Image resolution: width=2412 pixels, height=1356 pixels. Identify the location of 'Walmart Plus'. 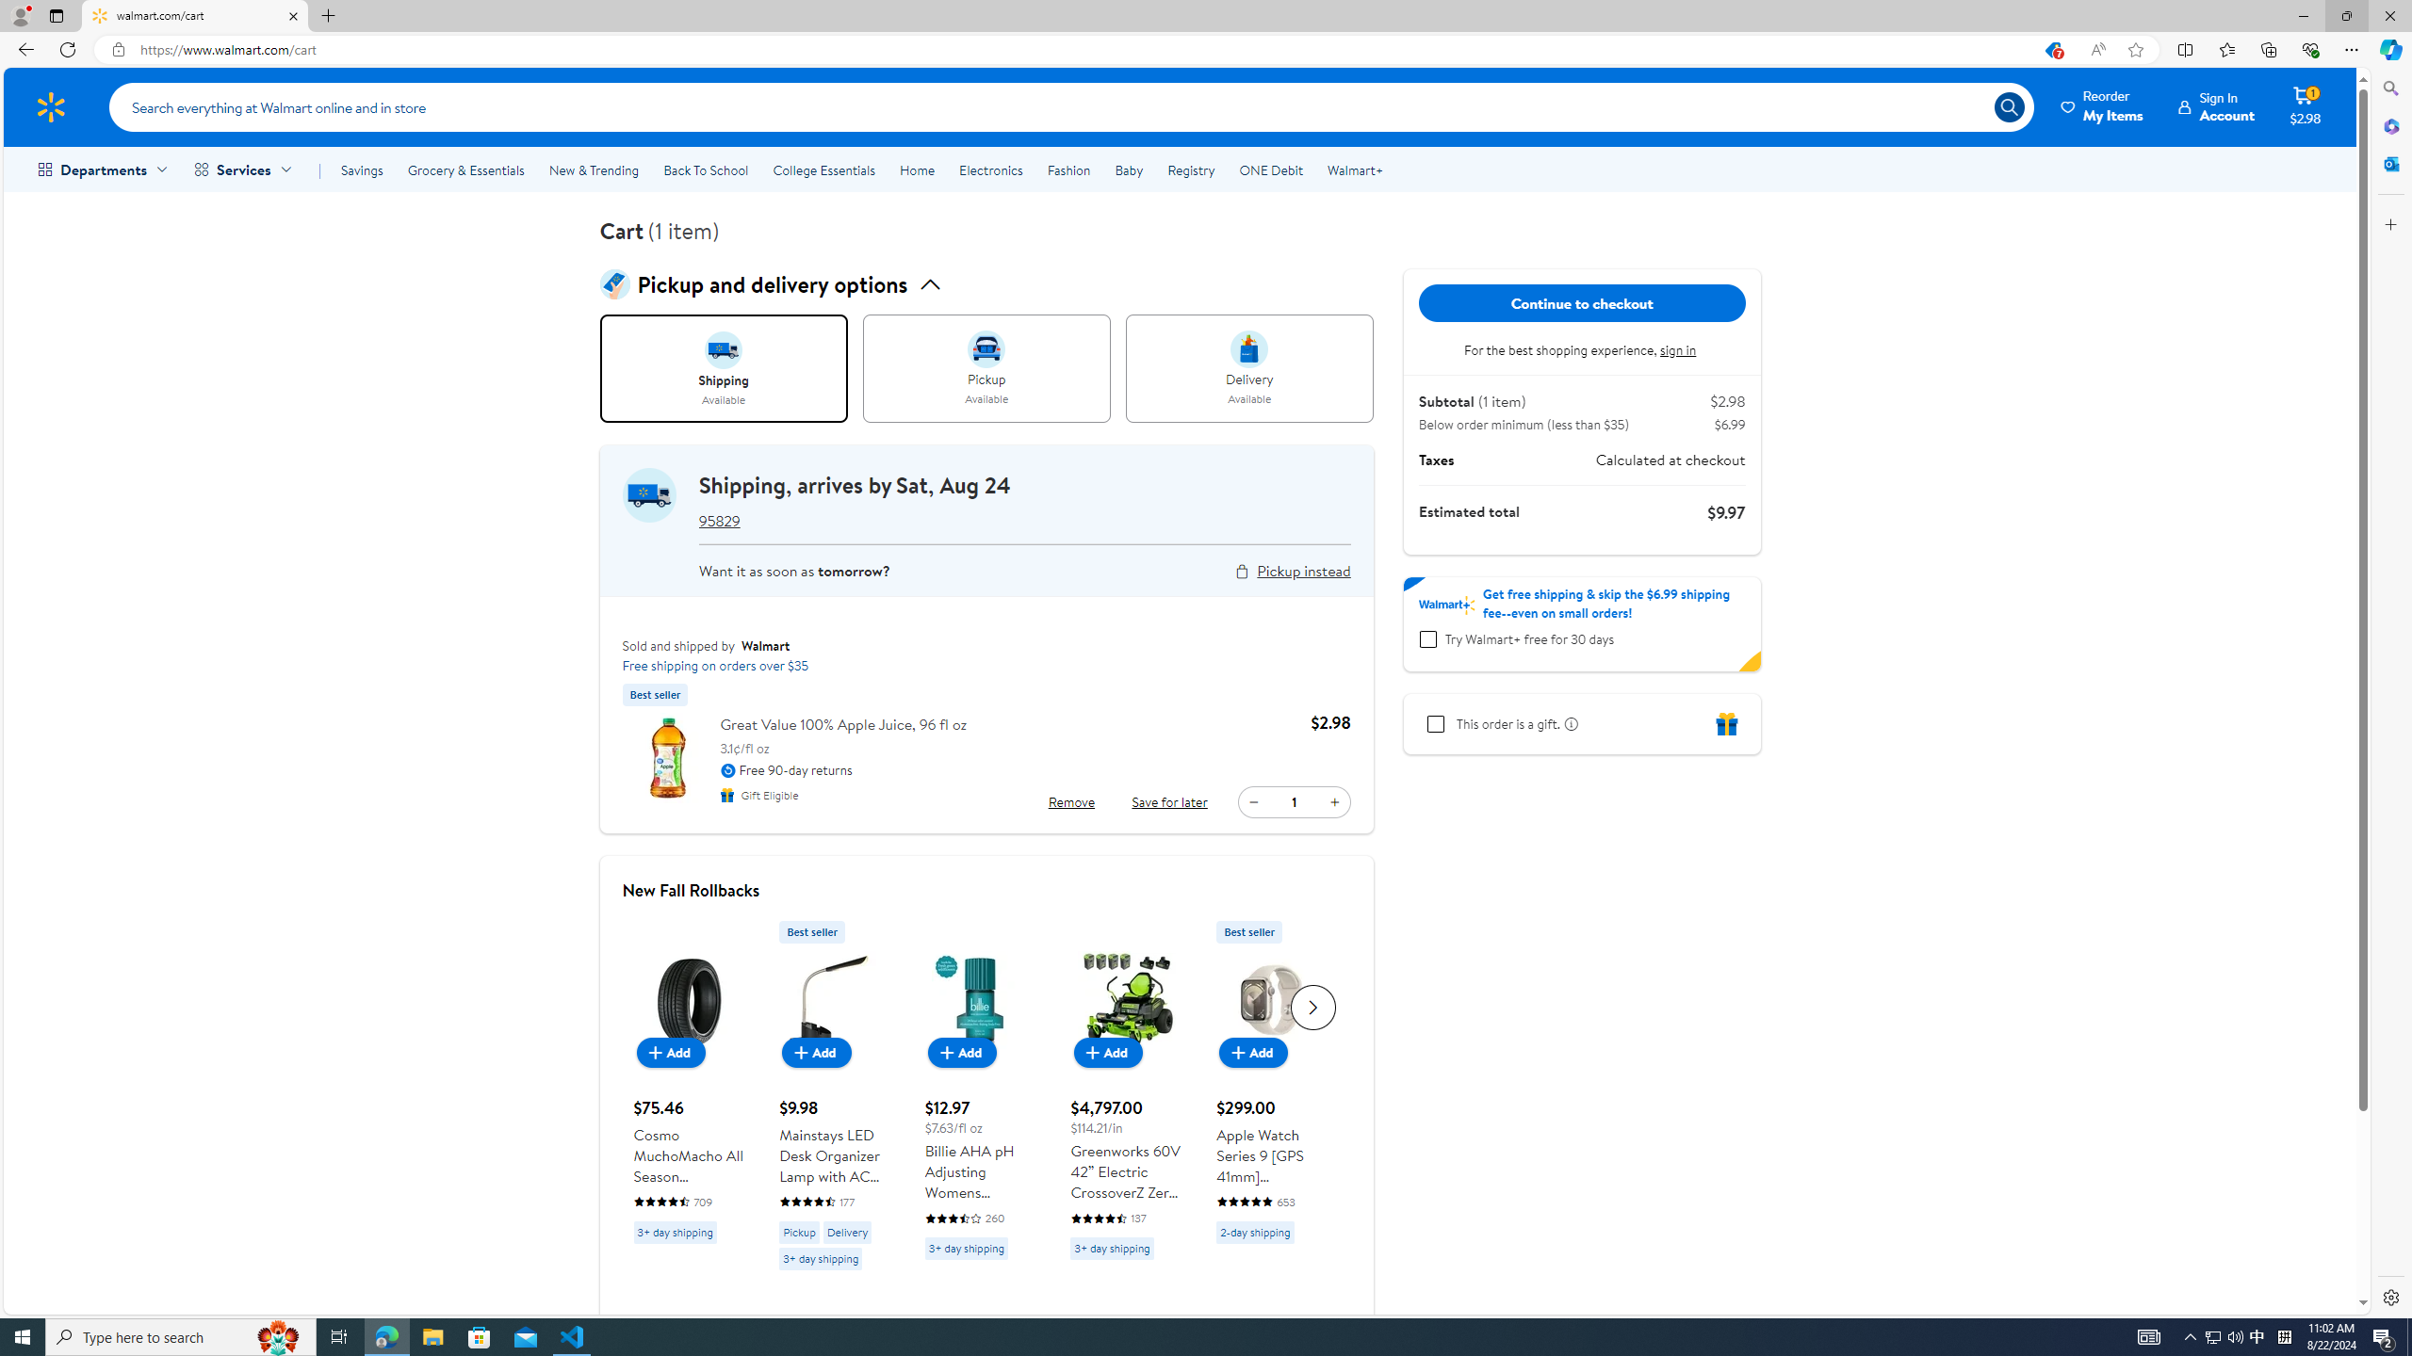
(1447, 605).